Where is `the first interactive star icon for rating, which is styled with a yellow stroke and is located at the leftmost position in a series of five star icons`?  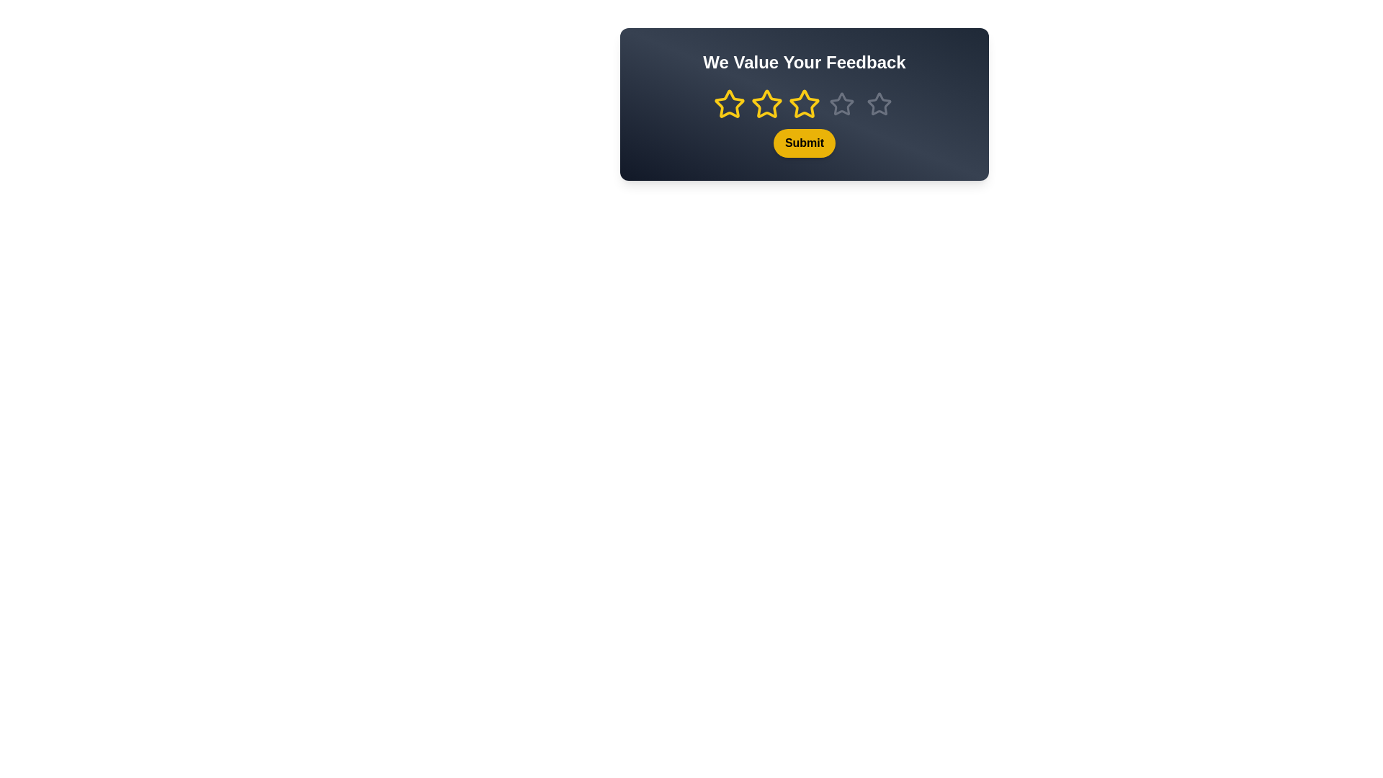
the first interactive star icon for rating, which is styled with a yellow stroke and is located at the leftmost position in a series of five star icons is located at coordinates (729, 104).